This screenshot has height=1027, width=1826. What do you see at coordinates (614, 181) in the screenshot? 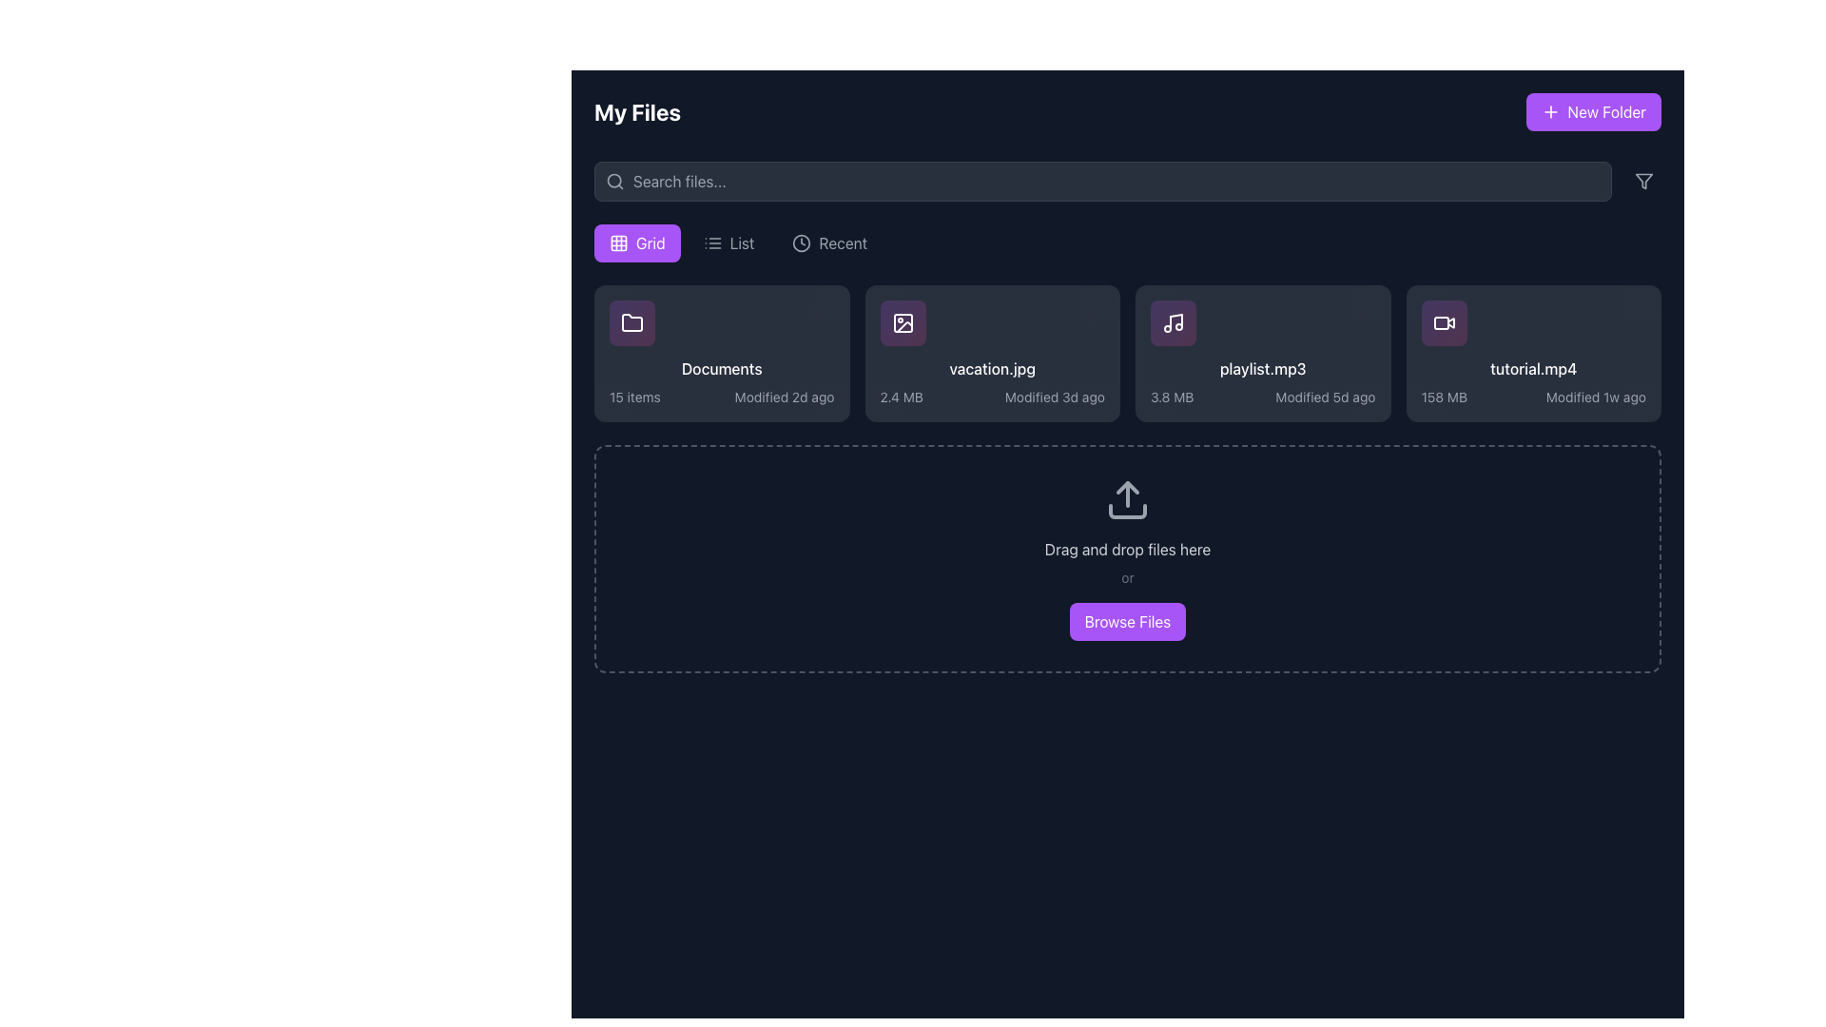
I see `the circular SVG element that is part of the search icon, located adjacent to the 'Search files…' input field` at bounding box center [614, 181].